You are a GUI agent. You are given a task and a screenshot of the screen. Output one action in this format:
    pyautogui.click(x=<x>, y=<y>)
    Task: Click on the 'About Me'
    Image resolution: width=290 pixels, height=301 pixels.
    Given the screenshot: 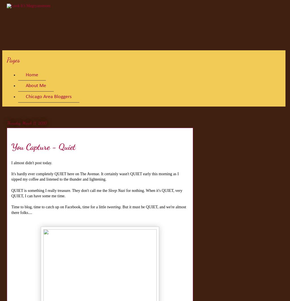 What is the action you would take?
    pyautogui.click(x=36, y=85)
    